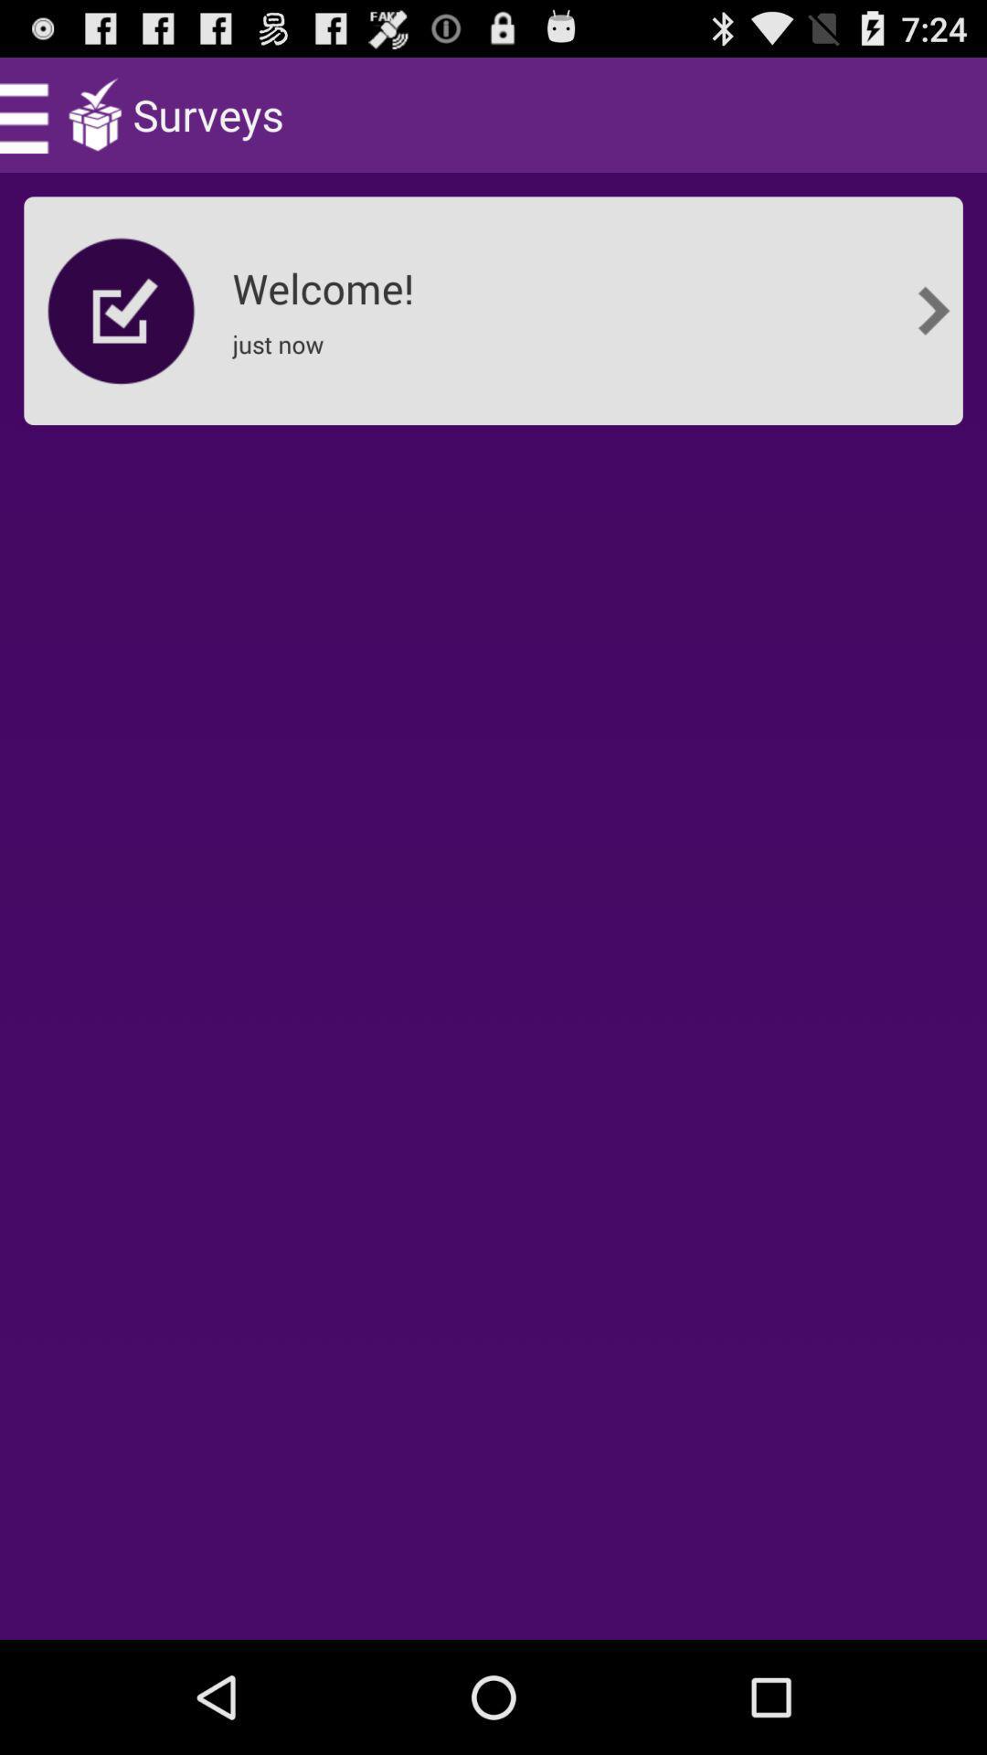 This screenshot has width=987, height=1755. What do you see at coordinates (327, 282) in the screenshot?
I see `the app below the surveys app` at bounding box center [327, 282].